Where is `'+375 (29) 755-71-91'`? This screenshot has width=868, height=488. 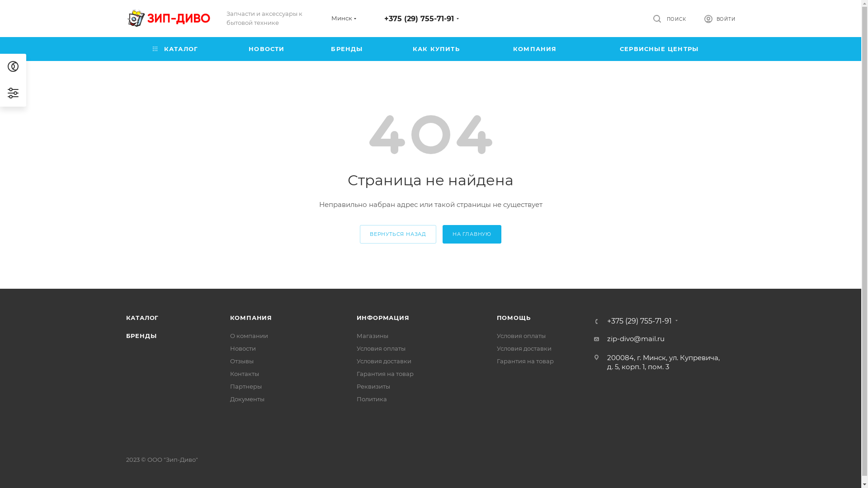
'+375 (29) 755-71-91' is located at coordinates (418, 19).